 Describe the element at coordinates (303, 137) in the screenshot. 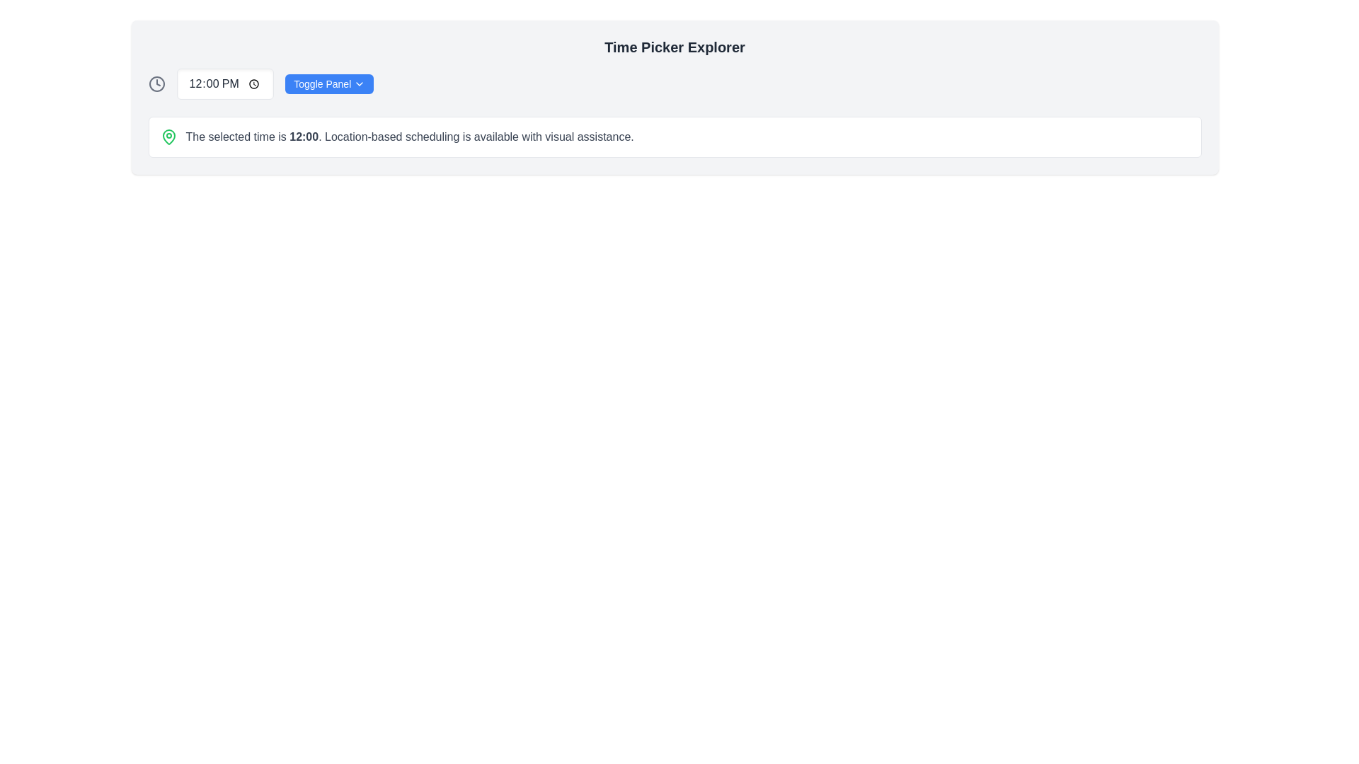

I see `the bold text displaying '12:00', which is centrally positioned within the sentence explaining selected time options` at that location.